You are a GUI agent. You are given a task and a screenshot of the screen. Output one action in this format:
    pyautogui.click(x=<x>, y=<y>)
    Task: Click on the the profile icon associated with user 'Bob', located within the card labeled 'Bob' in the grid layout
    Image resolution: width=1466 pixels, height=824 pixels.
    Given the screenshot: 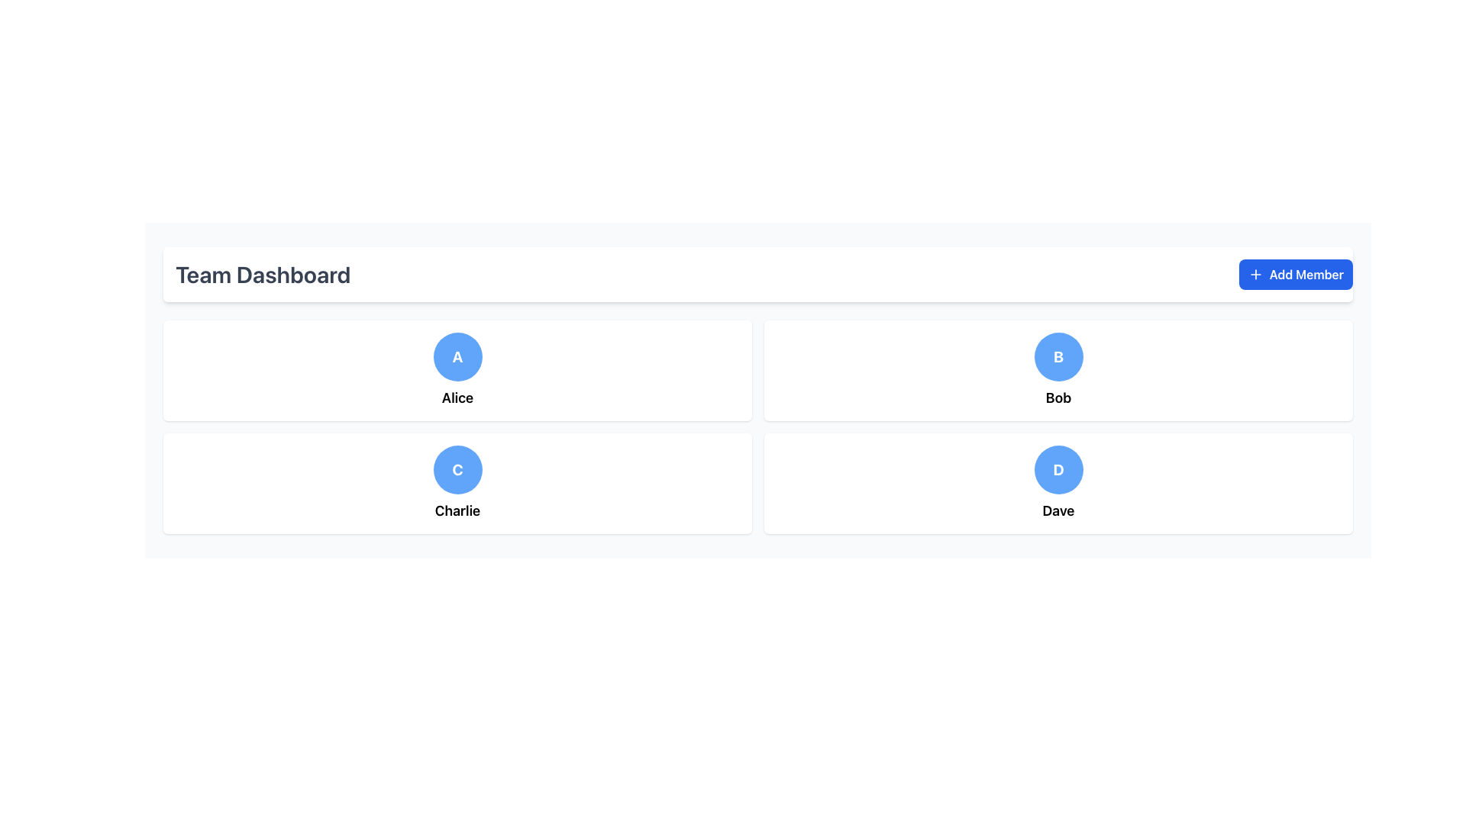 What is the action you would take?
    pyautogui.click(x=1058, y=356)
    